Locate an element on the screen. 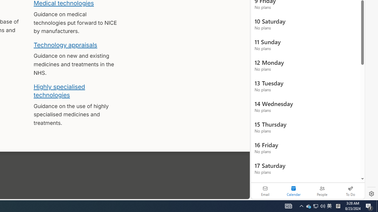  'People' is located at coordinates (322, 191).